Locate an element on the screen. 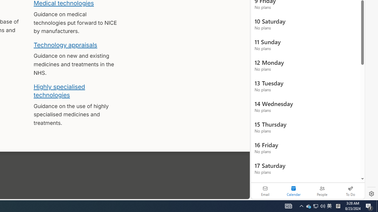  'People' is located at coordinates (322, 191).